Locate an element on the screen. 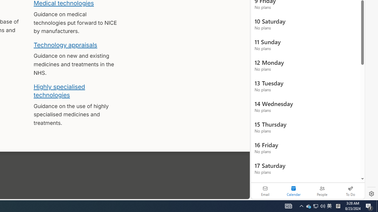  'People' is located at coordinates (322, 191).